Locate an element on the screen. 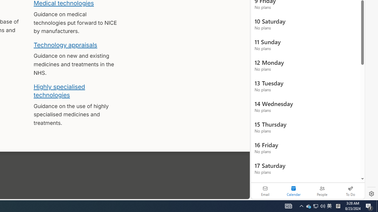  'People' is located at coordinates (322, 191).